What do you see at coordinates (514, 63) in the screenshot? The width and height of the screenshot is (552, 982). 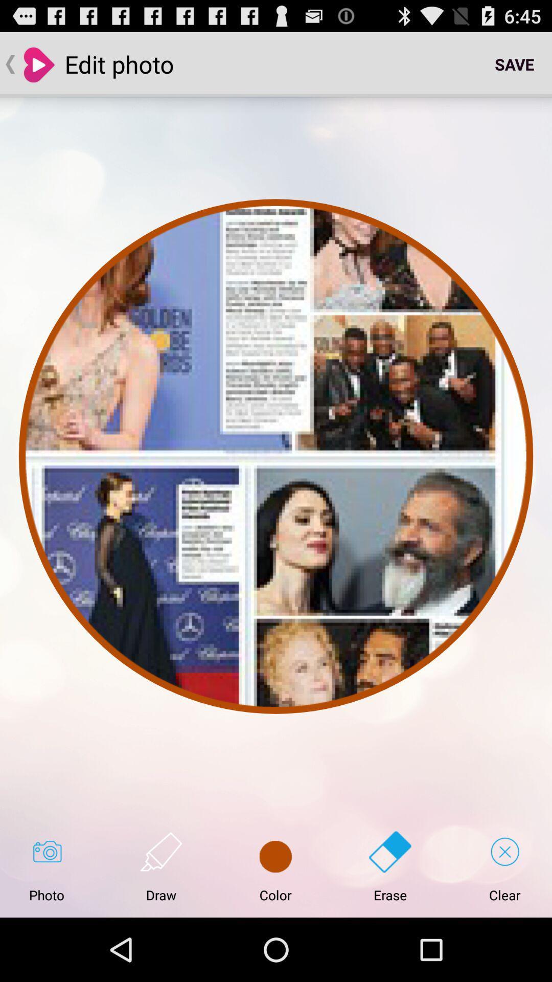 I see `the icon next to edit photo` at bounding box center [514, 63].